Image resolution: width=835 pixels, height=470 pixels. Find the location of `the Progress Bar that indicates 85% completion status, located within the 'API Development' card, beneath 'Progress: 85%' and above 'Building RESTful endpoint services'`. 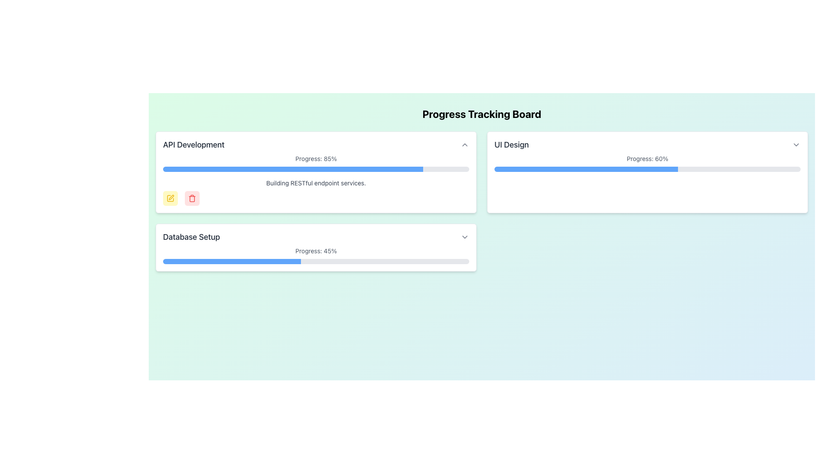

the Progress Bar that indicates 85% completion status, located within the 'API Development' card, beneath 'Progress: 85%' and above 'Building RESTful endpoint services' is located at coordinates (315, 169).